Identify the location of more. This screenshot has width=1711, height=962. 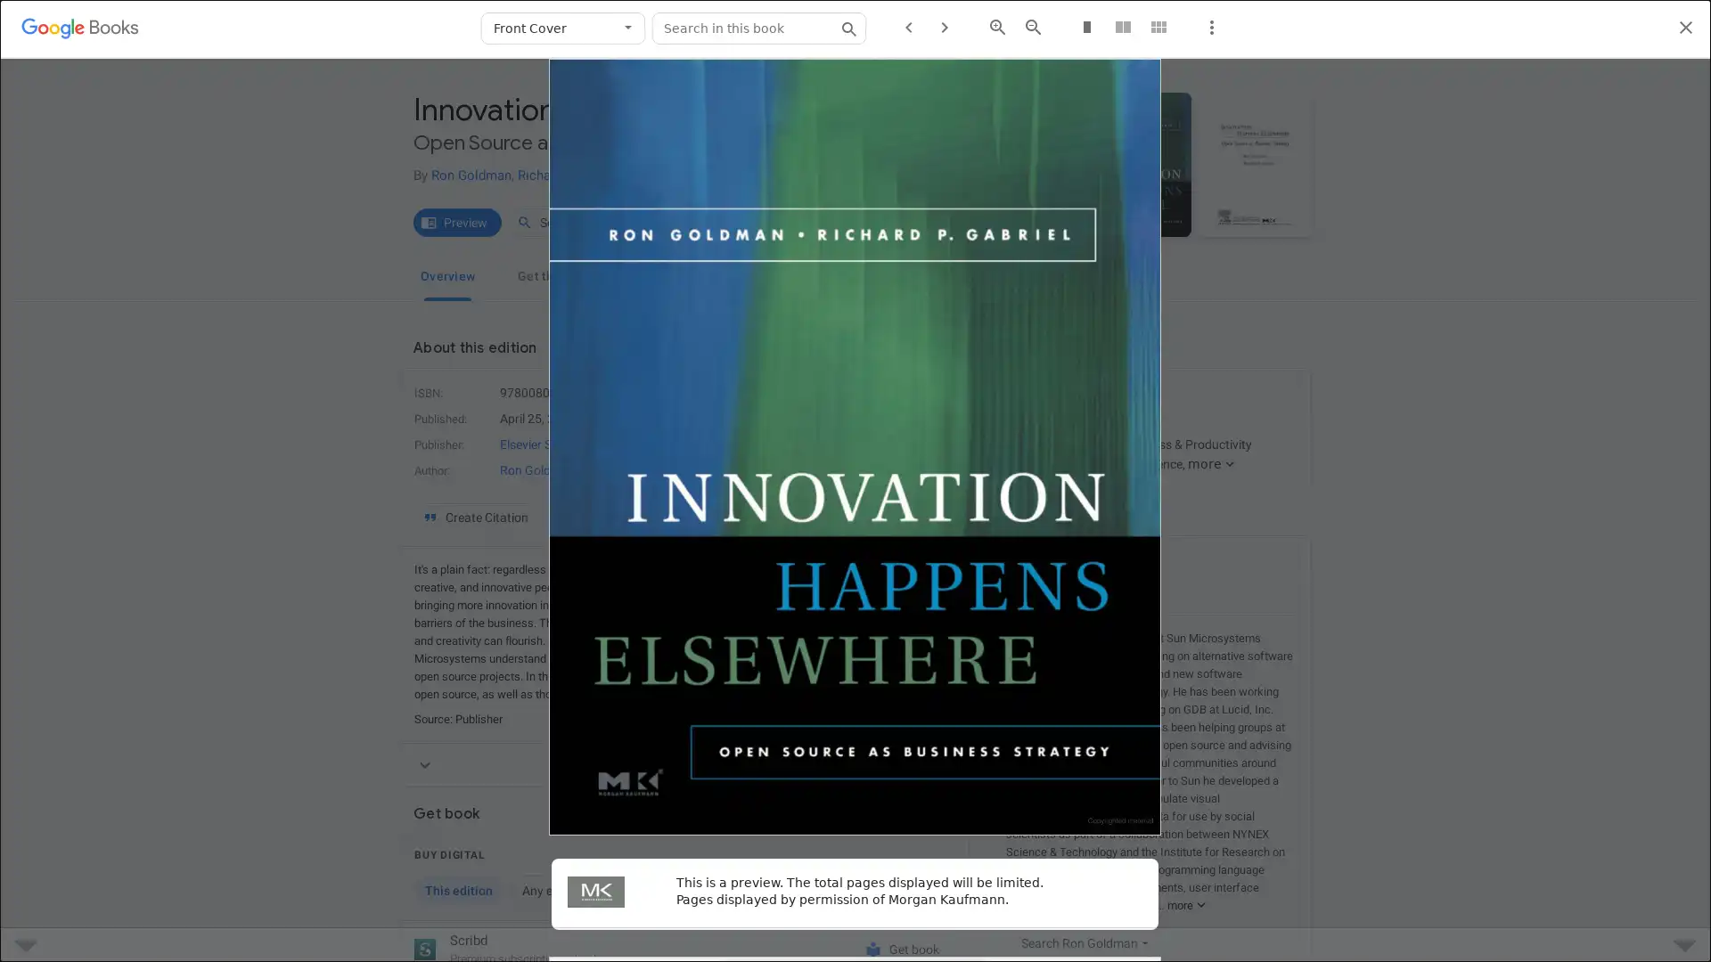
(1212, 462).